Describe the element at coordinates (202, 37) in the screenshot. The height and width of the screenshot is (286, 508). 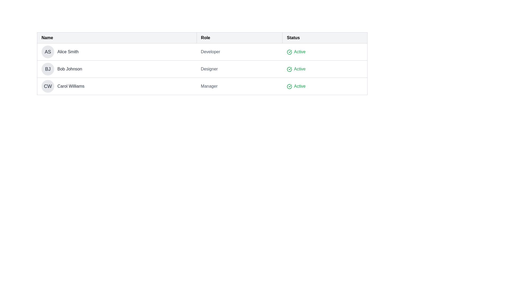
I see `the 'Role' header in the Table Header Row to sort the table by role` at that location.